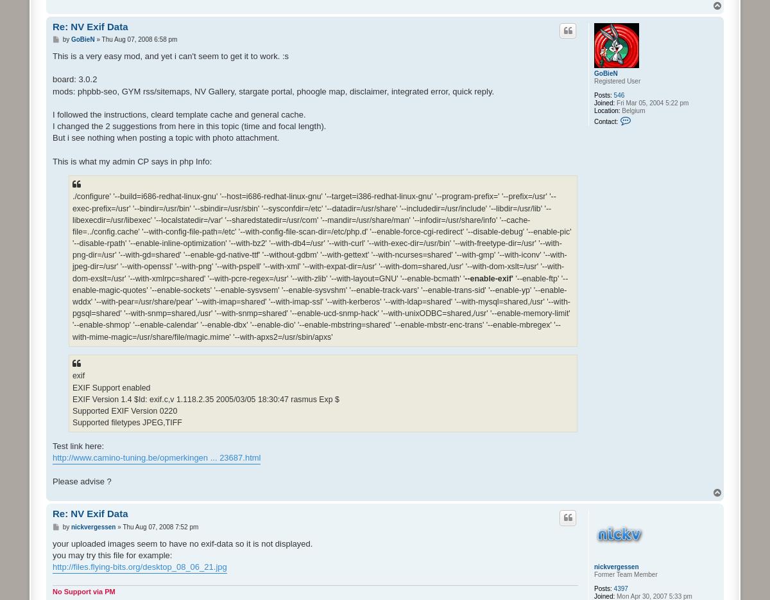 The width and height of the screenshot is (770, 600). What do you see at coordinates (273, 91) in the screenshot?
I see `'mods: phpbb-seo, GYM rss/sitemaps, NV Gallery, stargate portal, phoogle map, disclaimer, integrated error, quick reply.'` at bounding box center [273, 91].